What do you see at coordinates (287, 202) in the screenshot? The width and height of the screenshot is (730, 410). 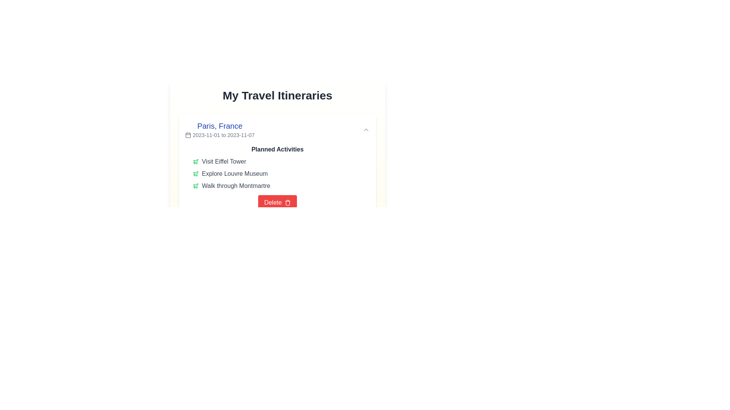 I see `the Trash bin icon, which represents the 'Delete' action located to the right of the 'Delete' text on the red button at the bottom of the itinerary card` at bounding box center [287, 202].